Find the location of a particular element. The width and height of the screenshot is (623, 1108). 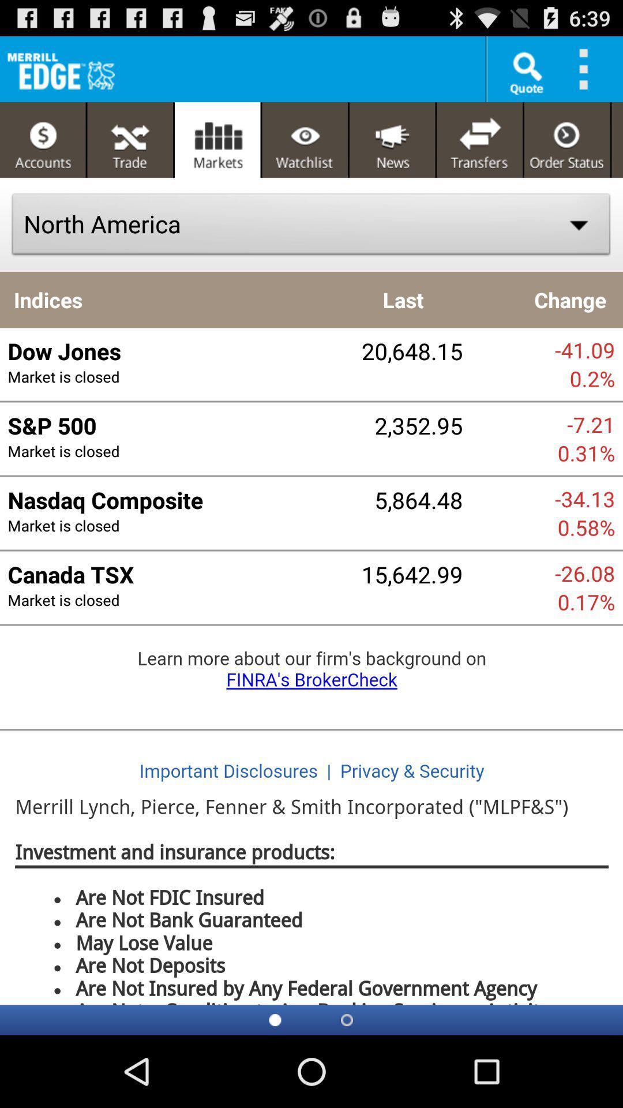

the search icon is located at coordinates (519, 73).